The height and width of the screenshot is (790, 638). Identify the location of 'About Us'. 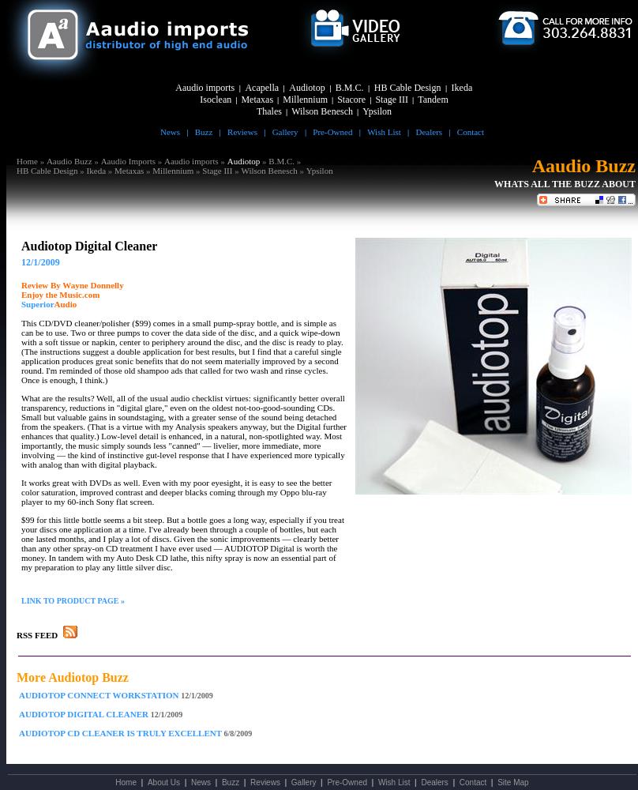
(163, 781).